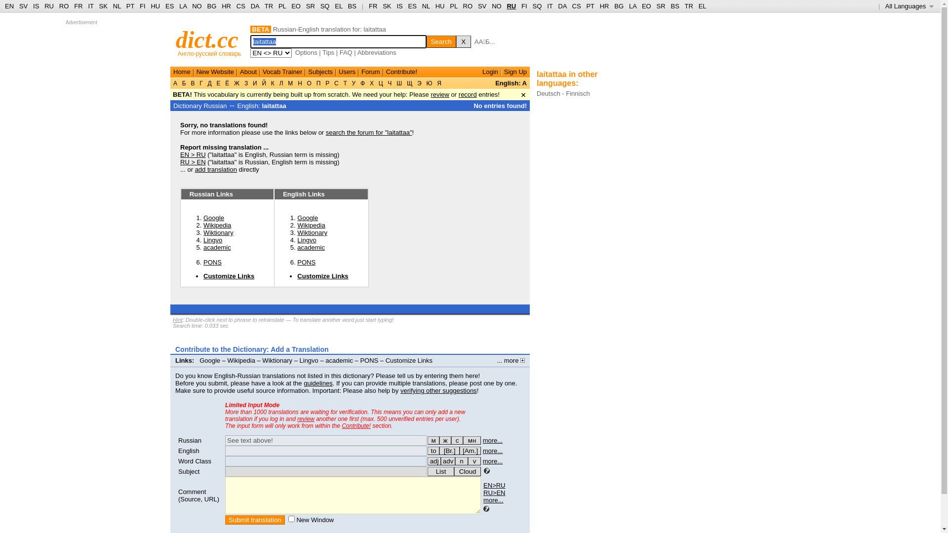 Image resolution: width=948 pixels, height=533 pixels. I want to click on 'New Website', so click(215, 71).